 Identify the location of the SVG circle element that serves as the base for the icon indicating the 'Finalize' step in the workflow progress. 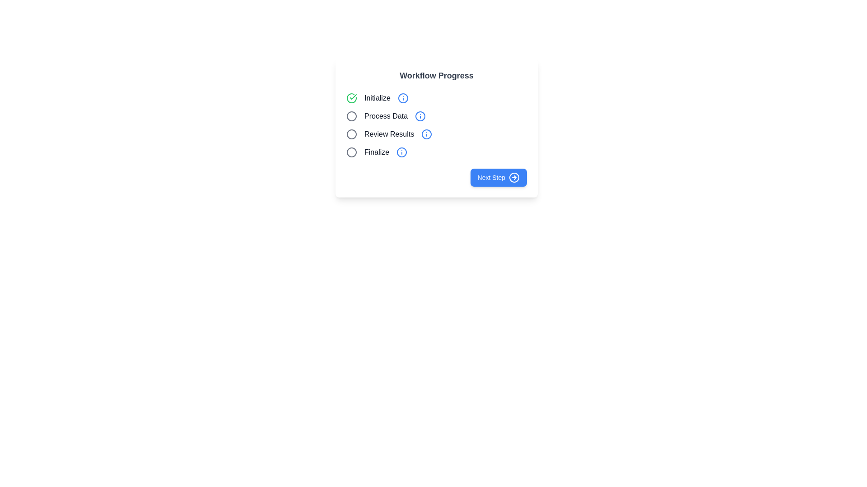
(401, 152).